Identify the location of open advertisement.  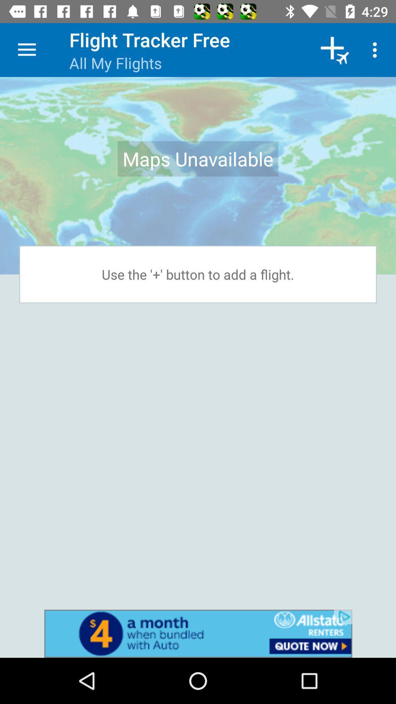
(198, 633).